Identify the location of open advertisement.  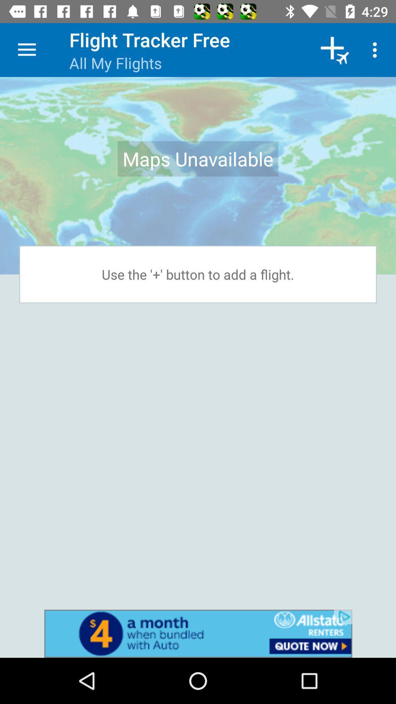
(198, 633).